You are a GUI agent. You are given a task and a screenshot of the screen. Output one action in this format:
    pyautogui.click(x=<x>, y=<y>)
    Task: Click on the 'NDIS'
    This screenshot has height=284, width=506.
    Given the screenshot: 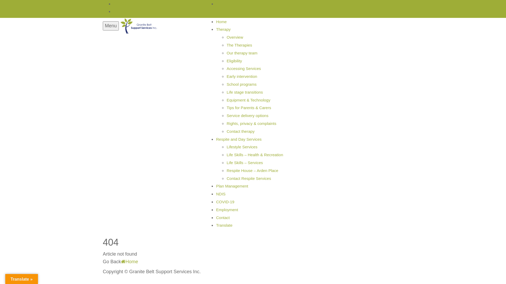 What is the action you would take?
    pyautogui.click(x=221, y=194)
    